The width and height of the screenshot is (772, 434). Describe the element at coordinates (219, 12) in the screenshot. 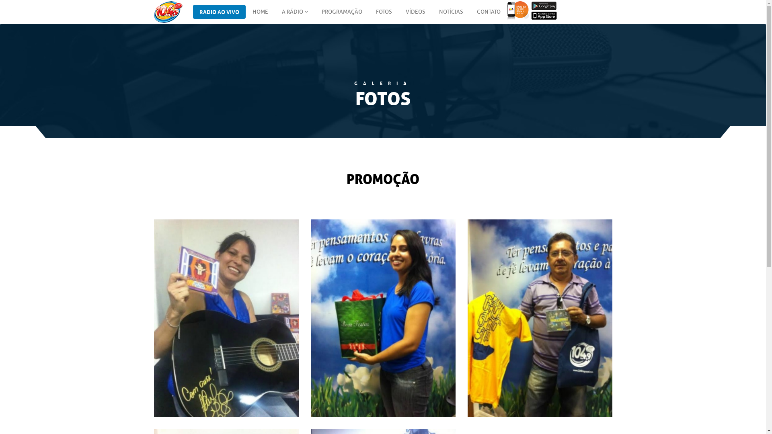

I see `'RADIO AO VIVO'` at that location.